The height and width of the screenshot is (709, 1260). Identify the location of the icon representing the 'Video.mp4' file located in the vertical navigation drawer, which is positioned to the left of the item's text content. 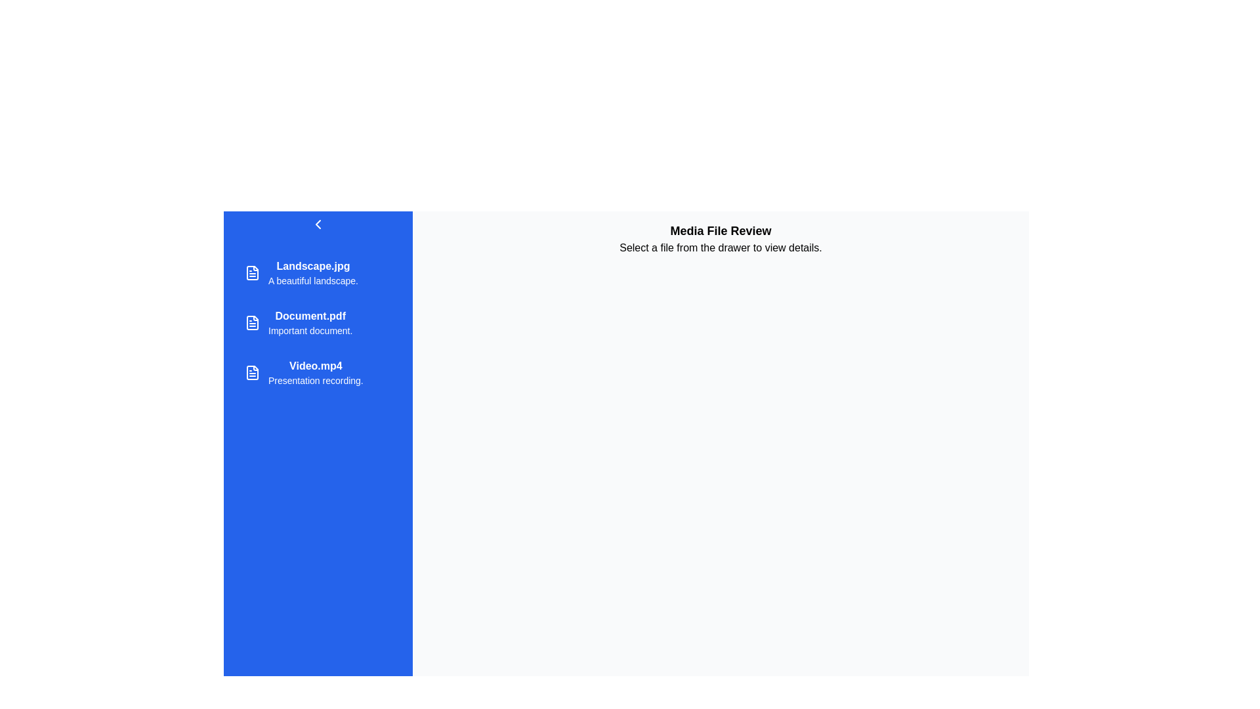
(252, 372).